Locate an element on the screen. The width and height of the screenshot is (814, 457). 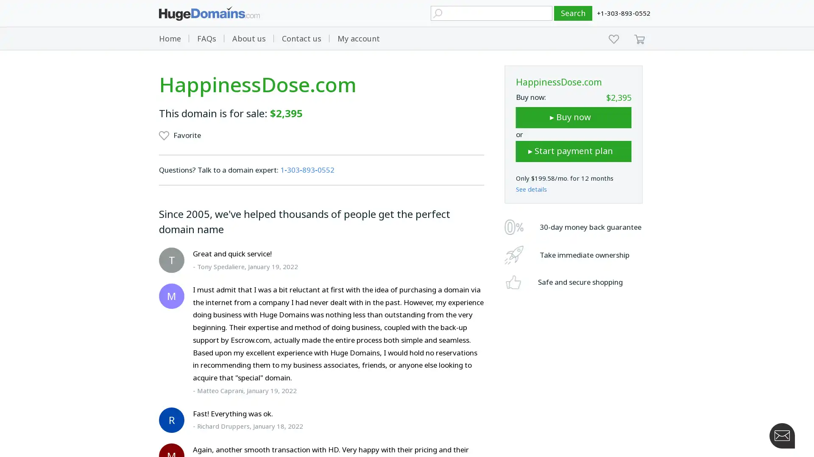
Search is located at coordinates (573, 13).